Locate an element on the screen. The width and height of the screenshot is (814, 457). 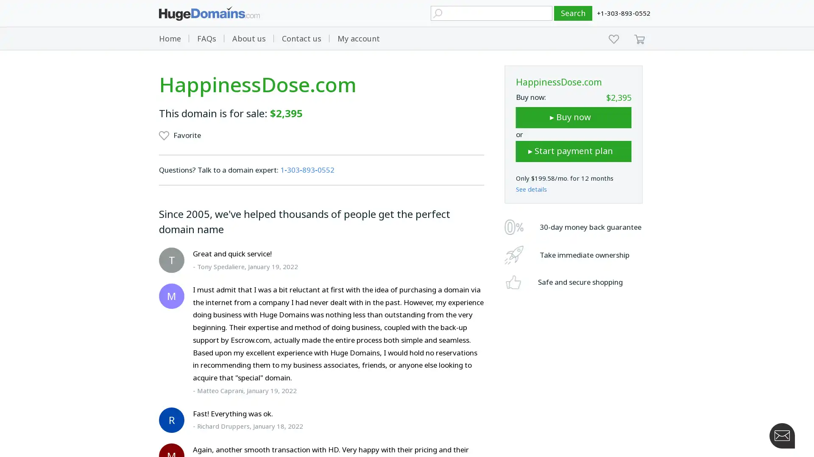
Search is located at coordinates (573, 13).